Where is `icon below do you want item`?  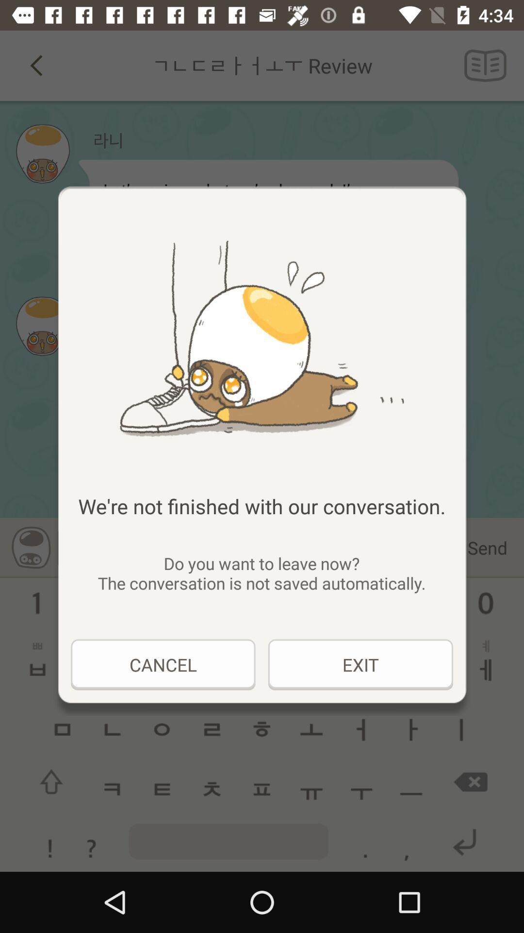 icon below do you want item is located at coordinates (163, 664).